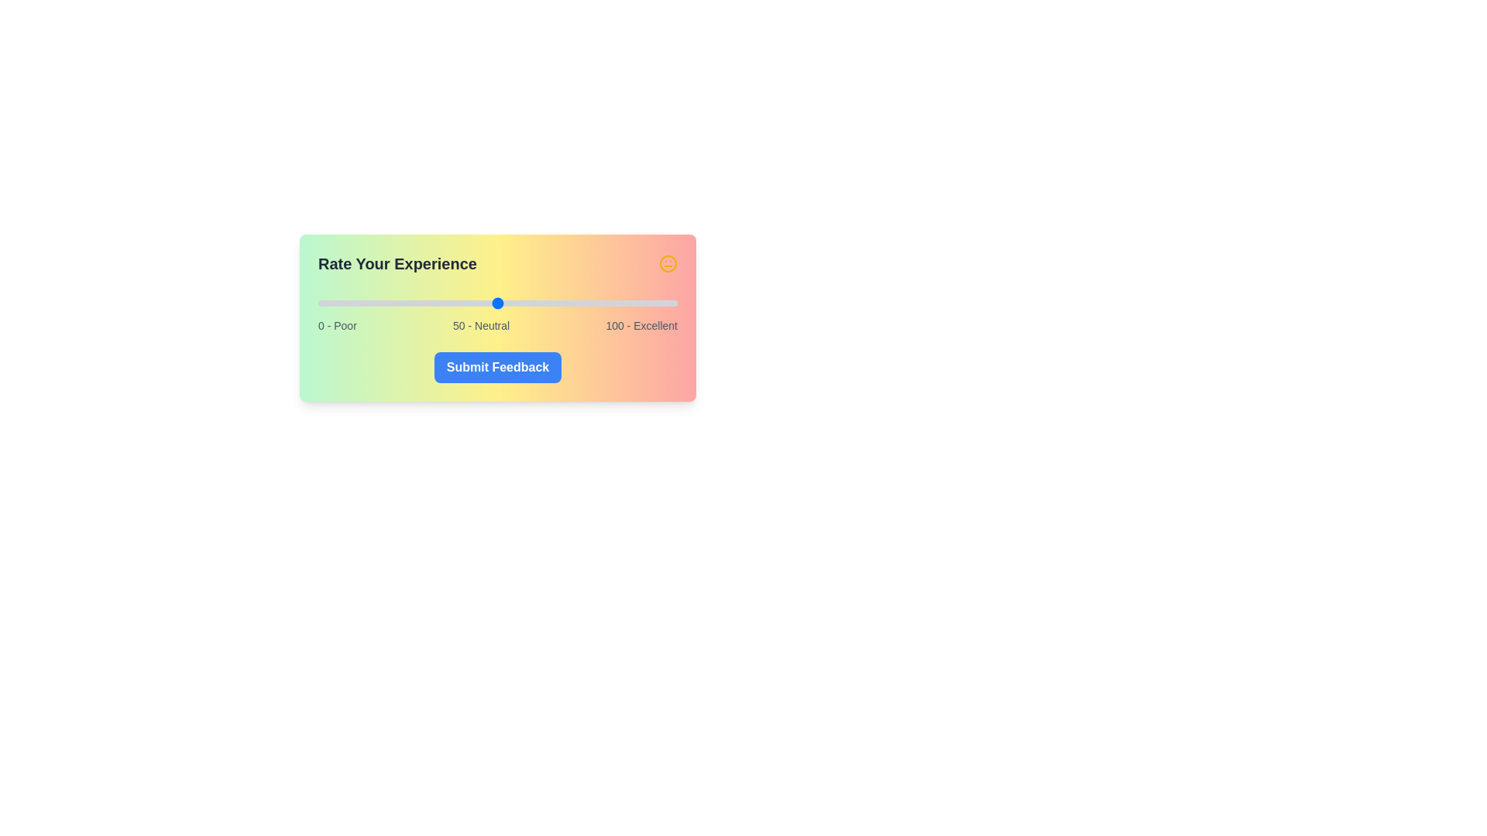 The width and height of the screenshot is (1487, 836). Describe the element at coordinates (612, 303) in the screenshot. I see `the satisfaction slider to 82 value` at that location.